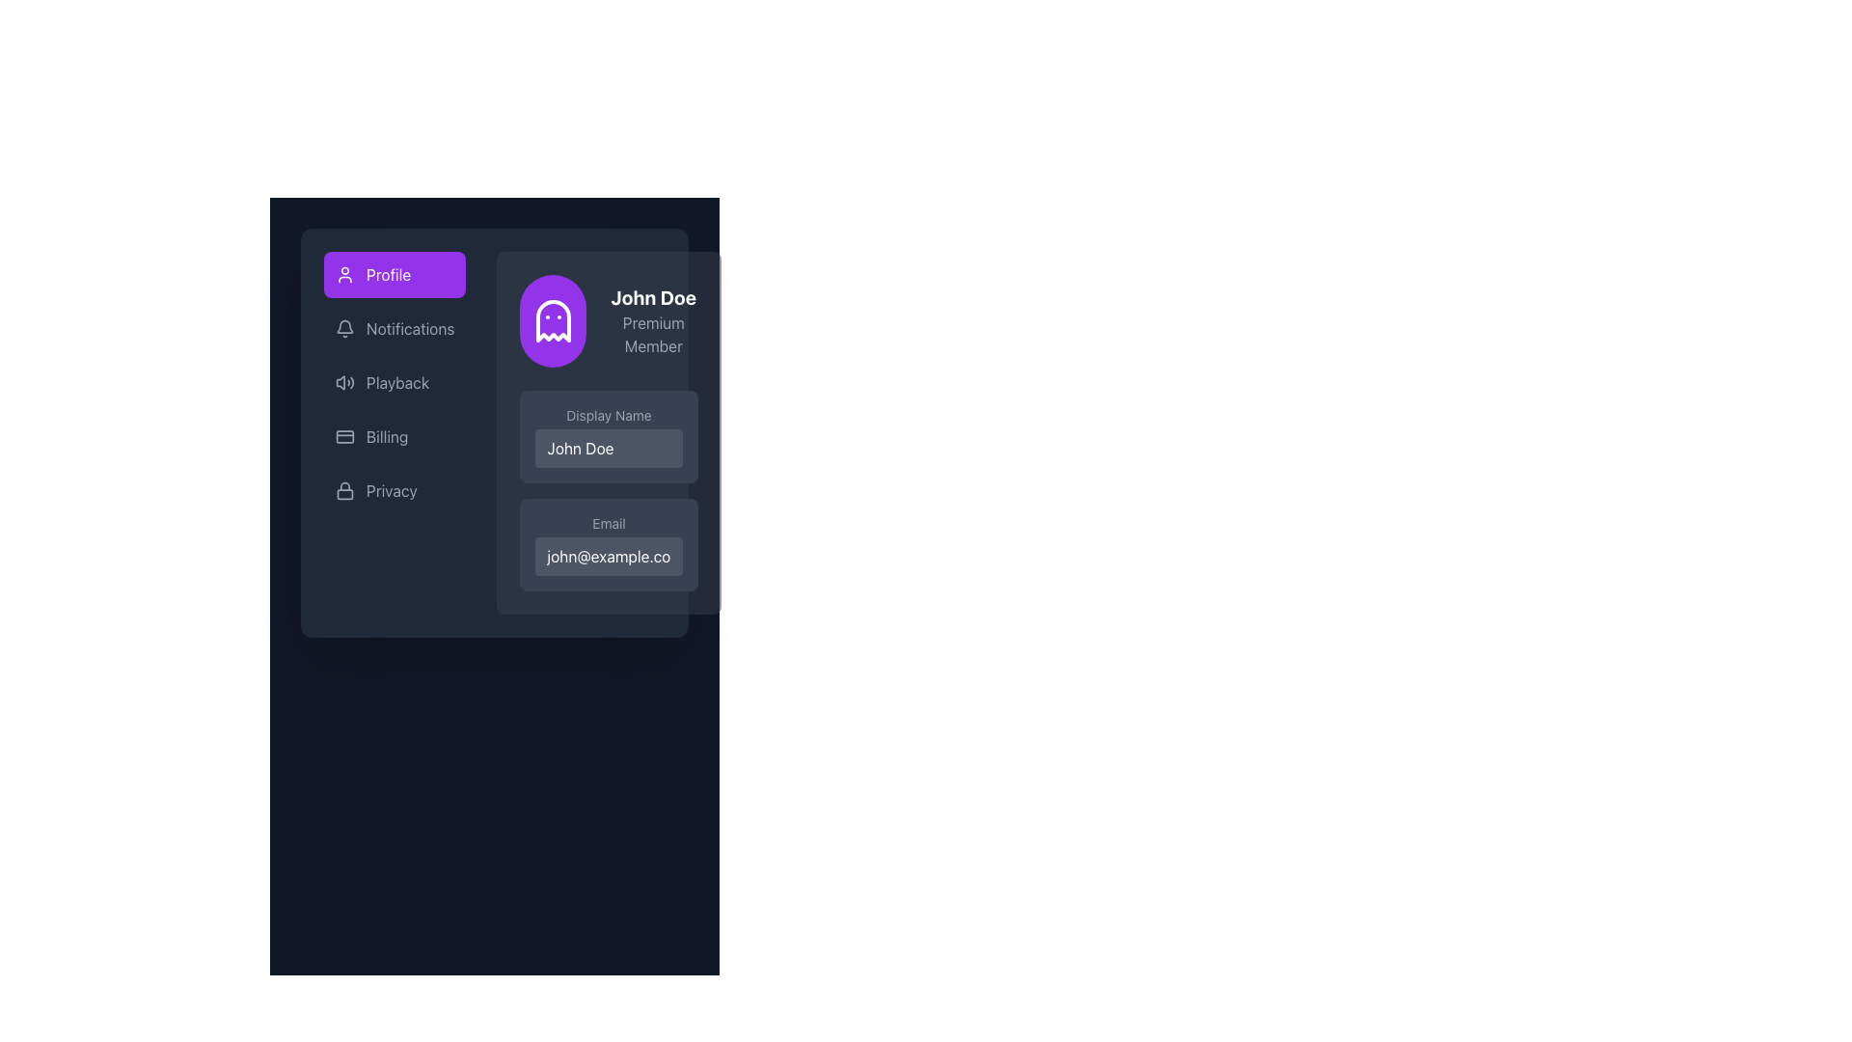  I want to click on the 'Privacy' text label, which is styled in gray on a dark background, so click(391, 490).